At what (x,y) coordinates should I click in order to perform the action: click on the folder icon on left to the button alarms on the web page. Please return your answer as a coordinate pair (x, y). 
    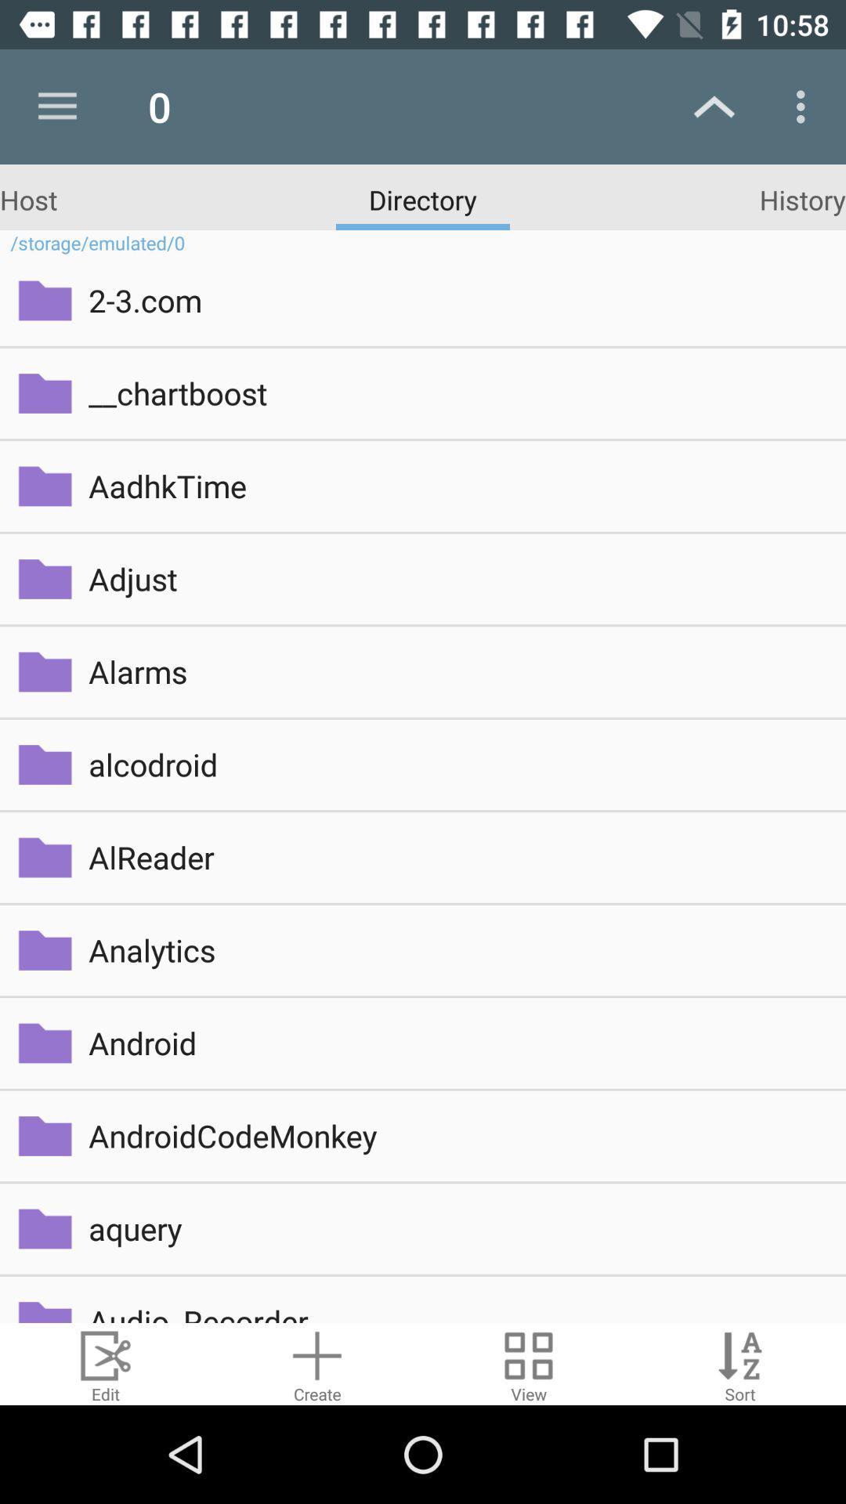
    Looking at the image, I should click on (44, 672).